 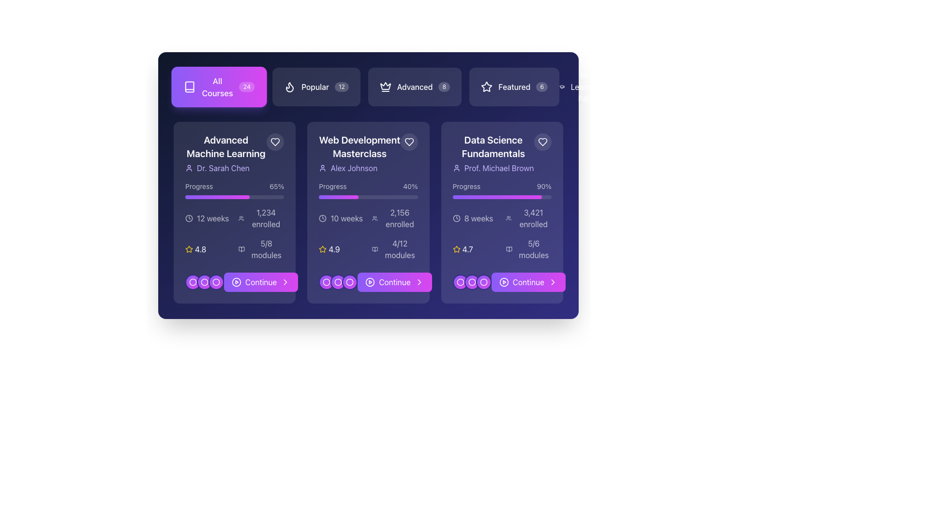 What do you see at coordinates (543, 142) in the screenshot?
I see `the heart icon button located in the top-right corner of the 'Data Science Fundamentals' course card` at bounding box center [543, 142].